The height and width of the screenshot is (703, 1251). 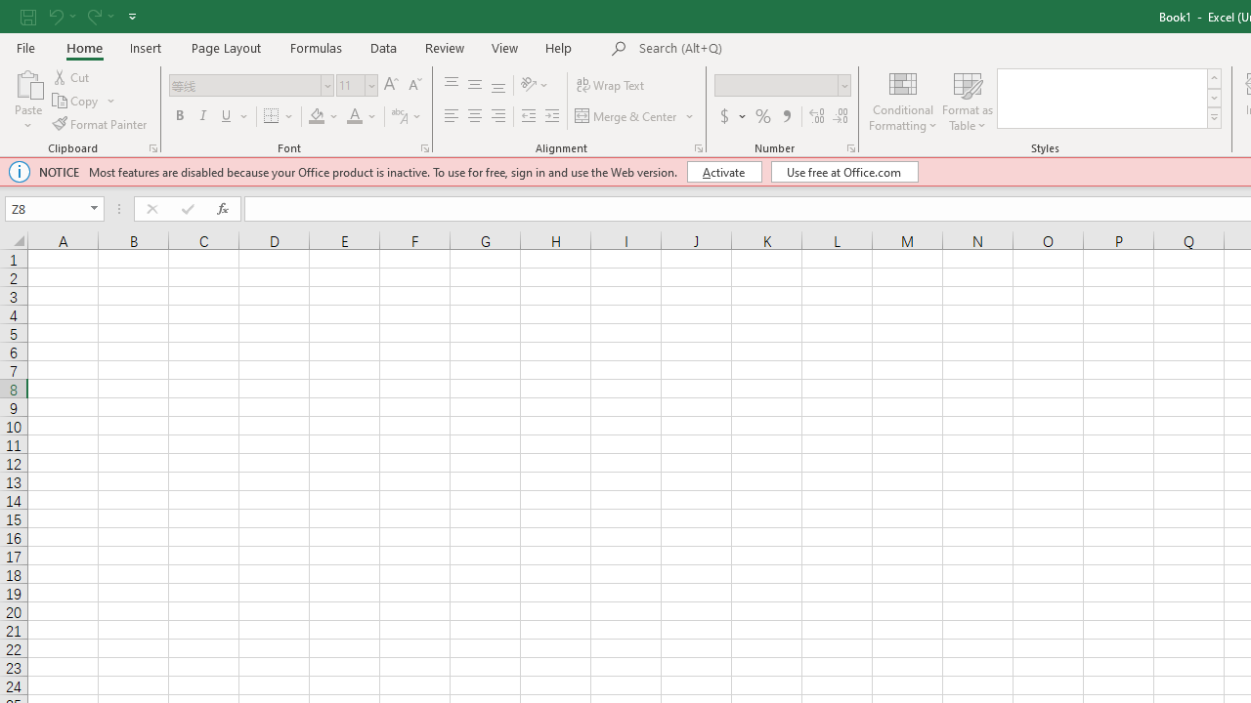 I want to click on 'Conditional Formatting', so click(x=902, y=101).